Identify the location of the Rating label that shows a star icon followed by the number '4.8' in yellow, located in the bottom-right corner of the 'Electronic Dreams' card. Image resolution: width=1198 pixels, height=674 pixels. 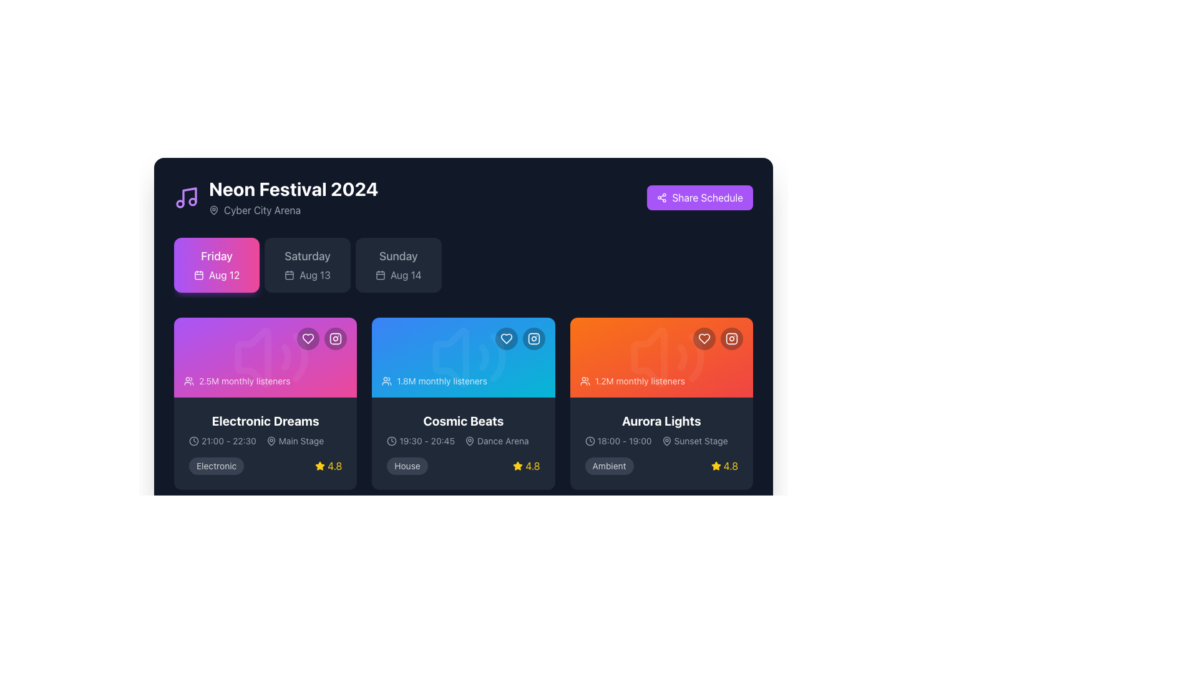
(328, 466).